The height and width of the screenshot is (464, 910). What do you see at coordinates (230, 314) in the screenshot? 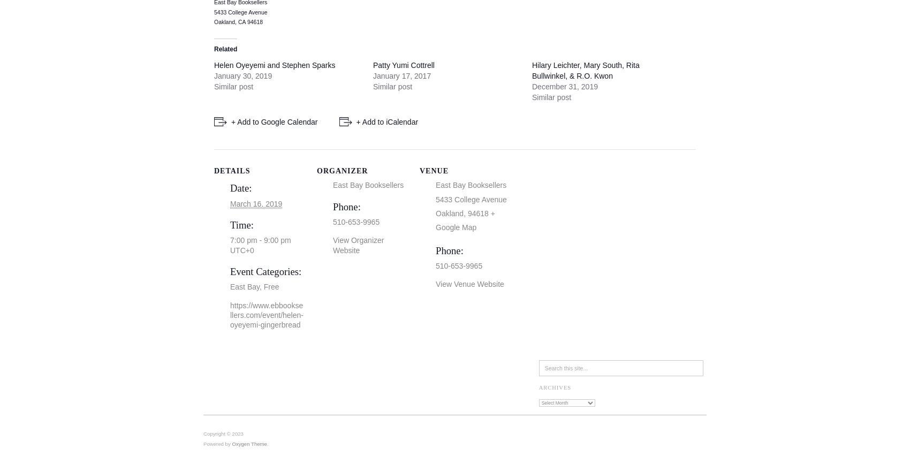
I see `'https://www.ebbooksellers.com/event/helen-oyeyemi-gingerbread'` at bounding box center [230, 314].